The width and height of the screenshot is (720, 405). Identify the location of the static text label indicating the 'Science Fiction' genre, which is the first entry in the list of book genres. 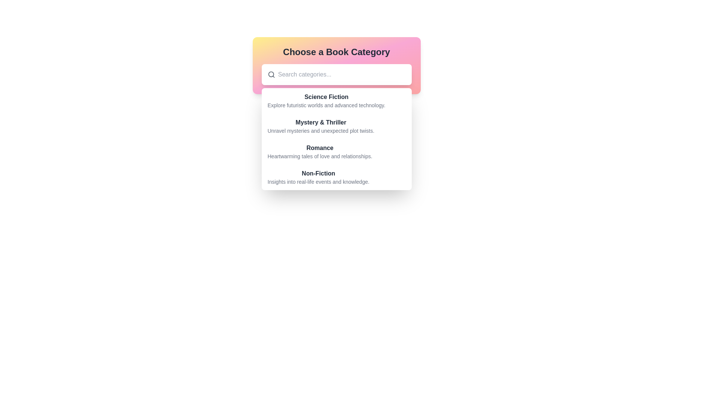
(326, 96).